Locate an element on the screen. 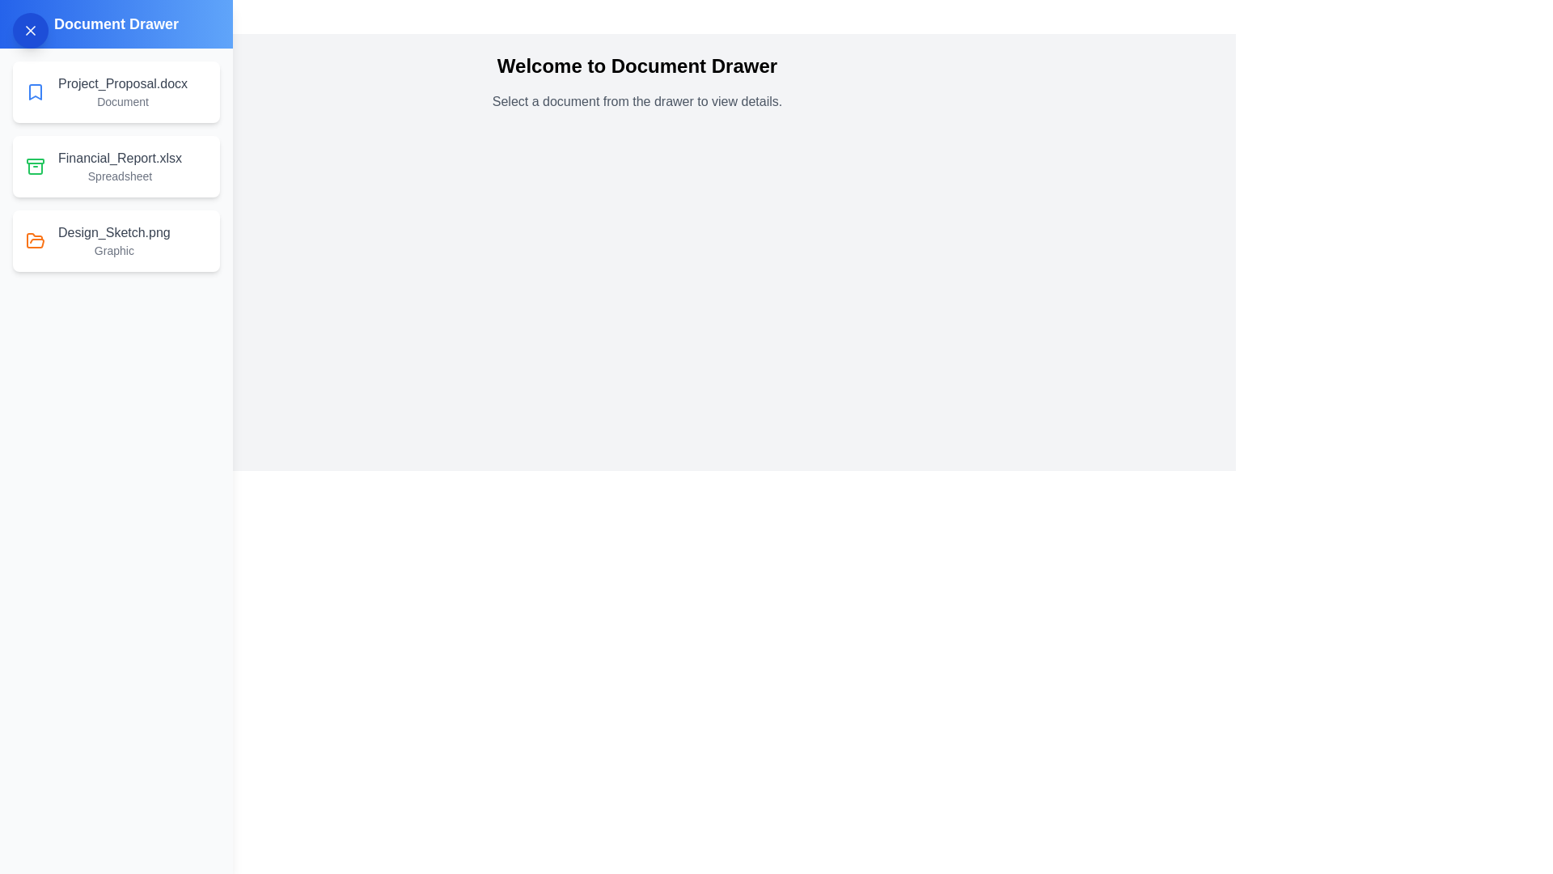  the header text 'Document Drawer' at the top of the drawer is located at coordinates (116, 24).